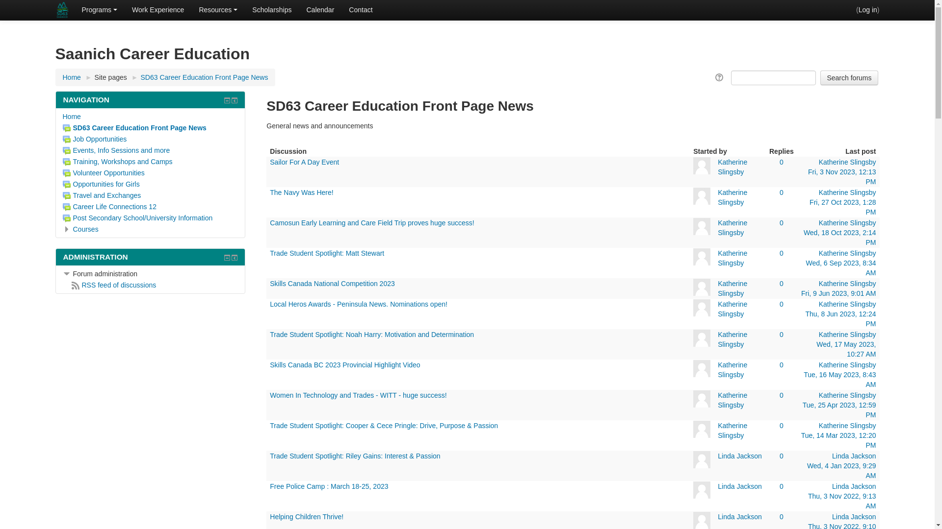 This screenshot has width=942, height=529. What do you see at coordinates (71, 77) in the screenshot?
I see `'Home'` at bounding box center [71, 77].